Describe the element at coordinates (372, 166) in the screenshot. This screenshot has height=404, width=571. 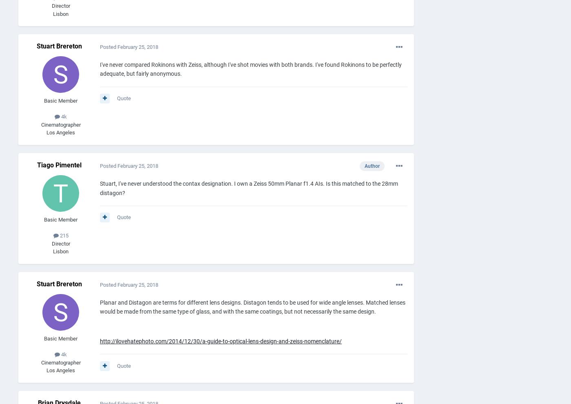
I see `'Author'` at that location.